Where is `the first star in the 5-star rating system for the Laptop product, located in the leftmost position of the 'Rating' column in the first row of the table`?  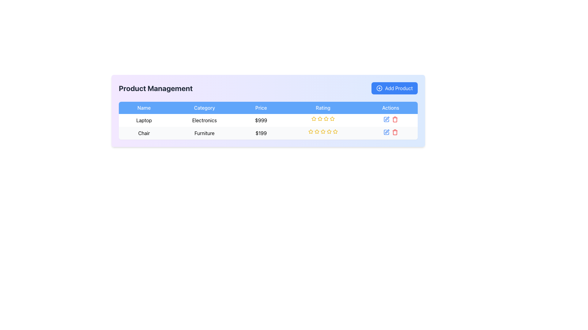 the first star in the 5-star rating system for the Laptop product, located in the leftmost position of the 'Rating' column in the first row of the table is located at coordinates (320, 119).